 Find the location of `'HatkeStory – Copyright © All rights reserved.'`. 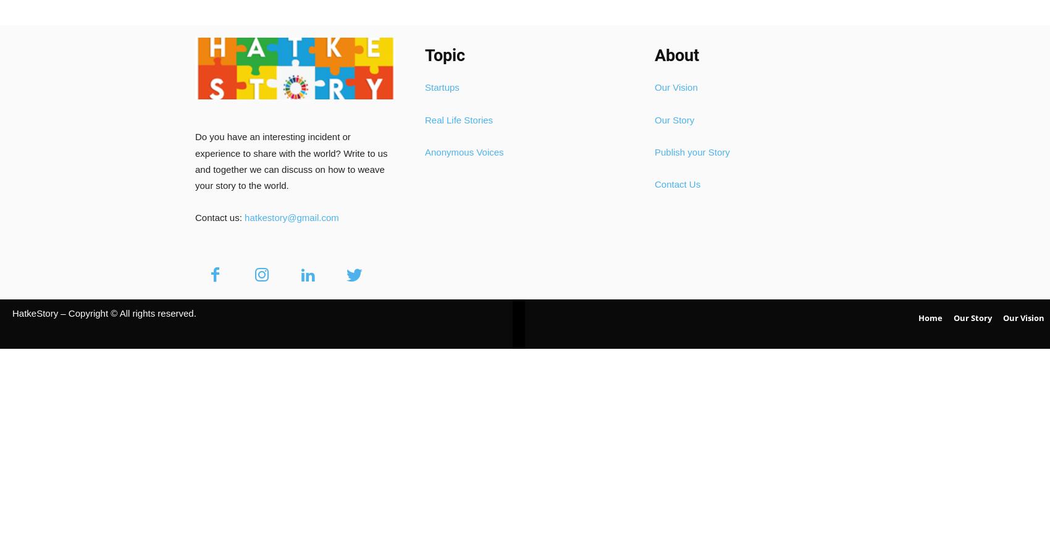

'HatkeStory – Copyright © All rights reserved.' is located at coordinates (103, 312).